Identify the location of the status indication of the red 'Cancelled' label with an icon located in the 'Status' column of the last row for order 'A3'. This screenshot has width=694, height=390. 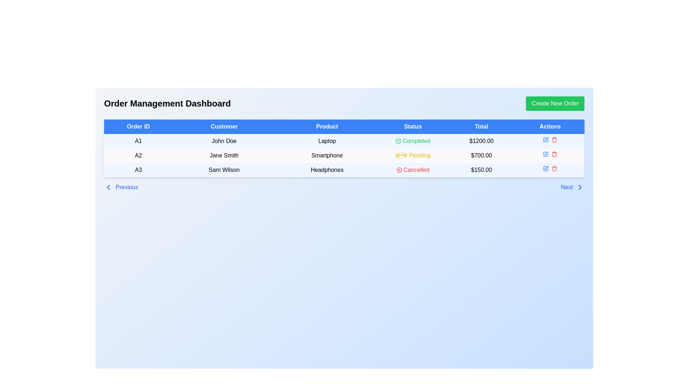
(413, 170).